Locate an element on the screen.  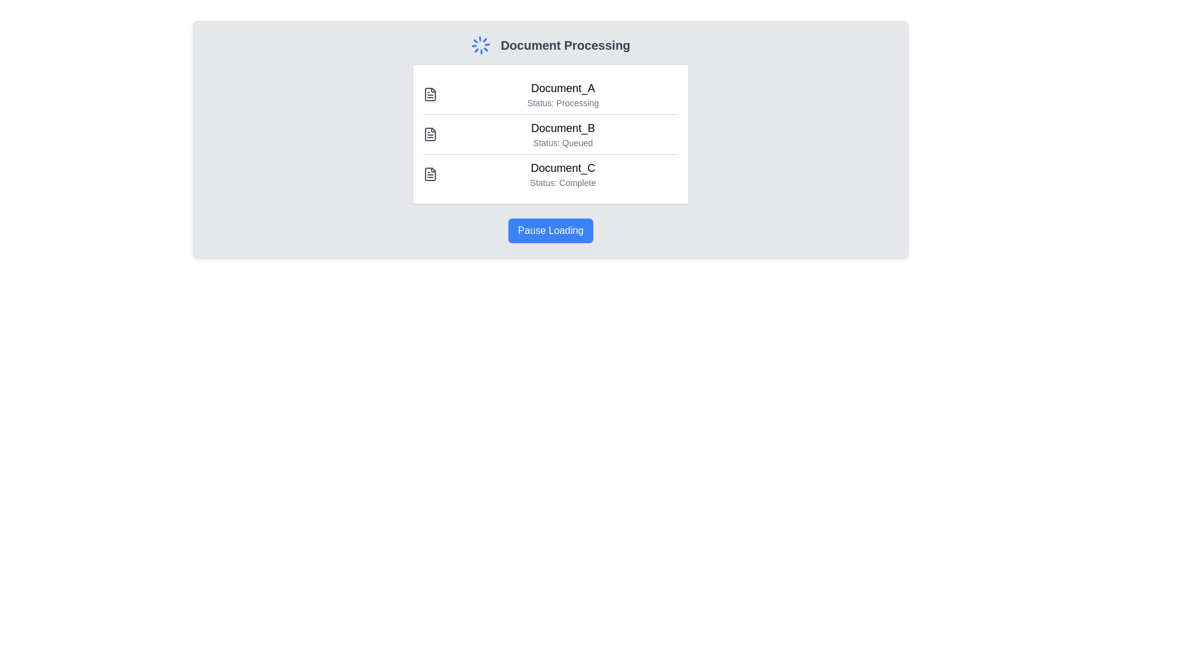
the informational text block displaying the status of 'Document_C' which indicates 'Complete' is located at coordinates (550, 174).